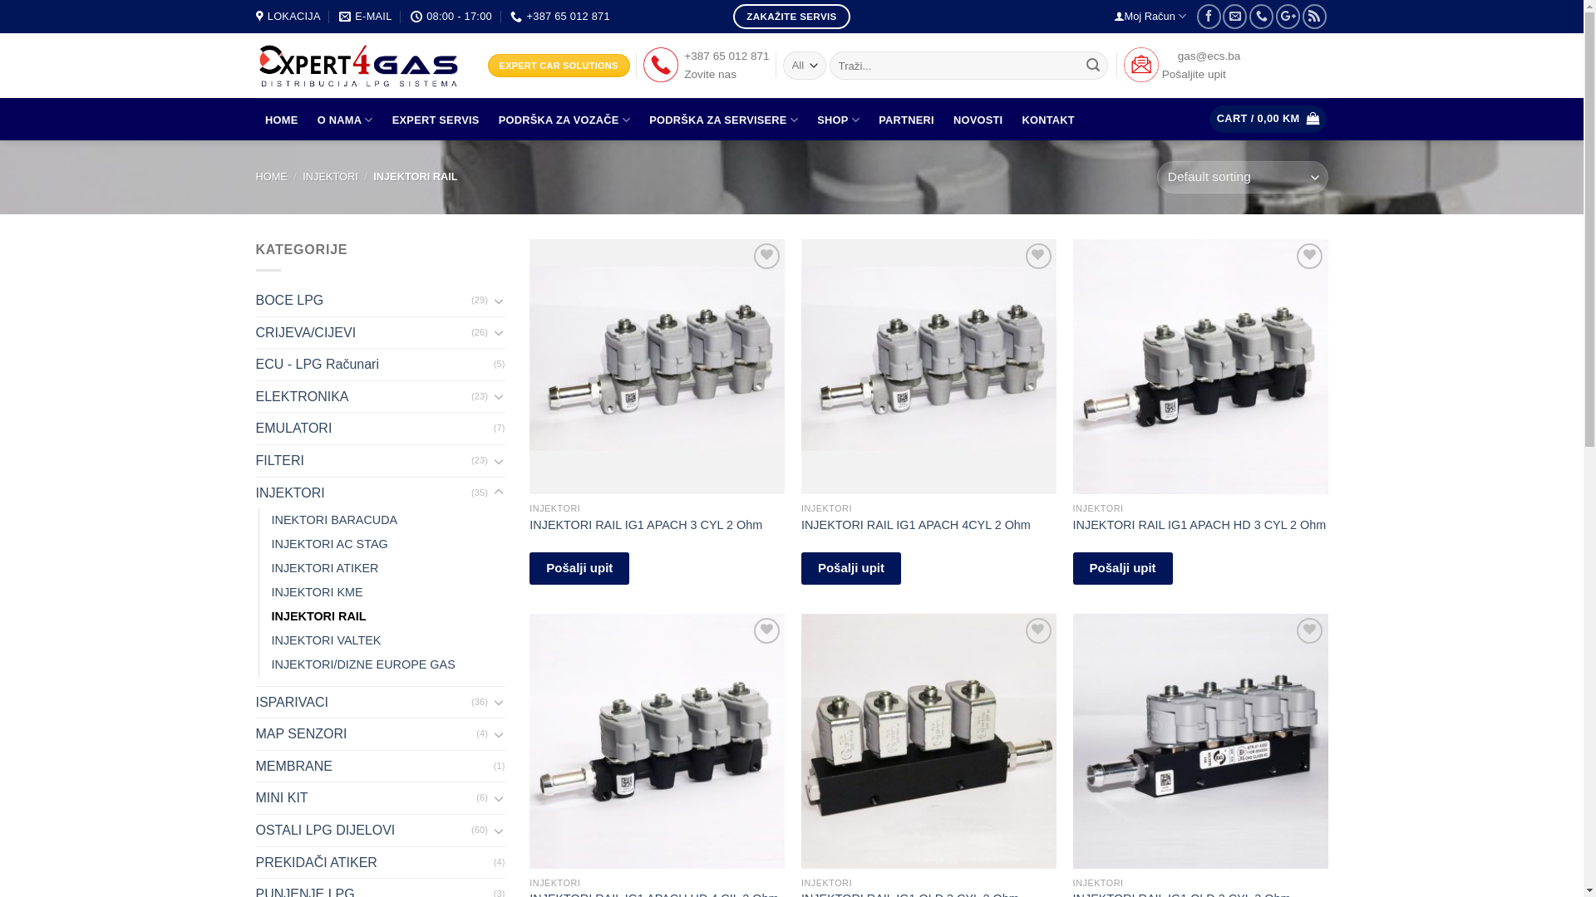 Image resolution: width=1596 pixels, height=897 pixels. I want to click on 'KONTAKT', so click(1047, 120).